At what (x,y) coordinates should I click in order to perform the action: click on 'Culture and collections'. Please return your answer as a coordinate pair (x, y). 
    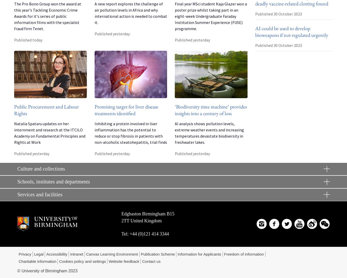
    Looking at the image, I should click on (41, 168).